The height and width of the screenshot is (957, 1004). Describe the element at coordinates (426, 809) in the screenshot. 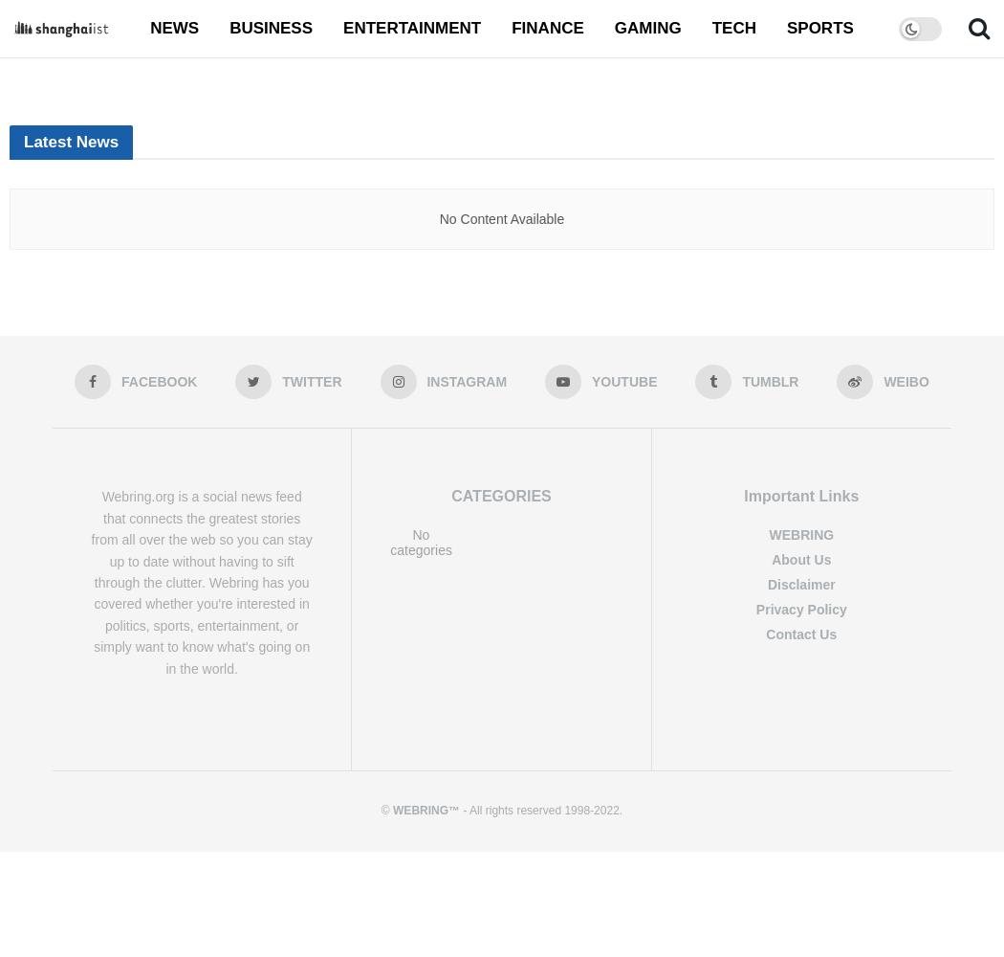

I see `'WEBRING™'` at that location.